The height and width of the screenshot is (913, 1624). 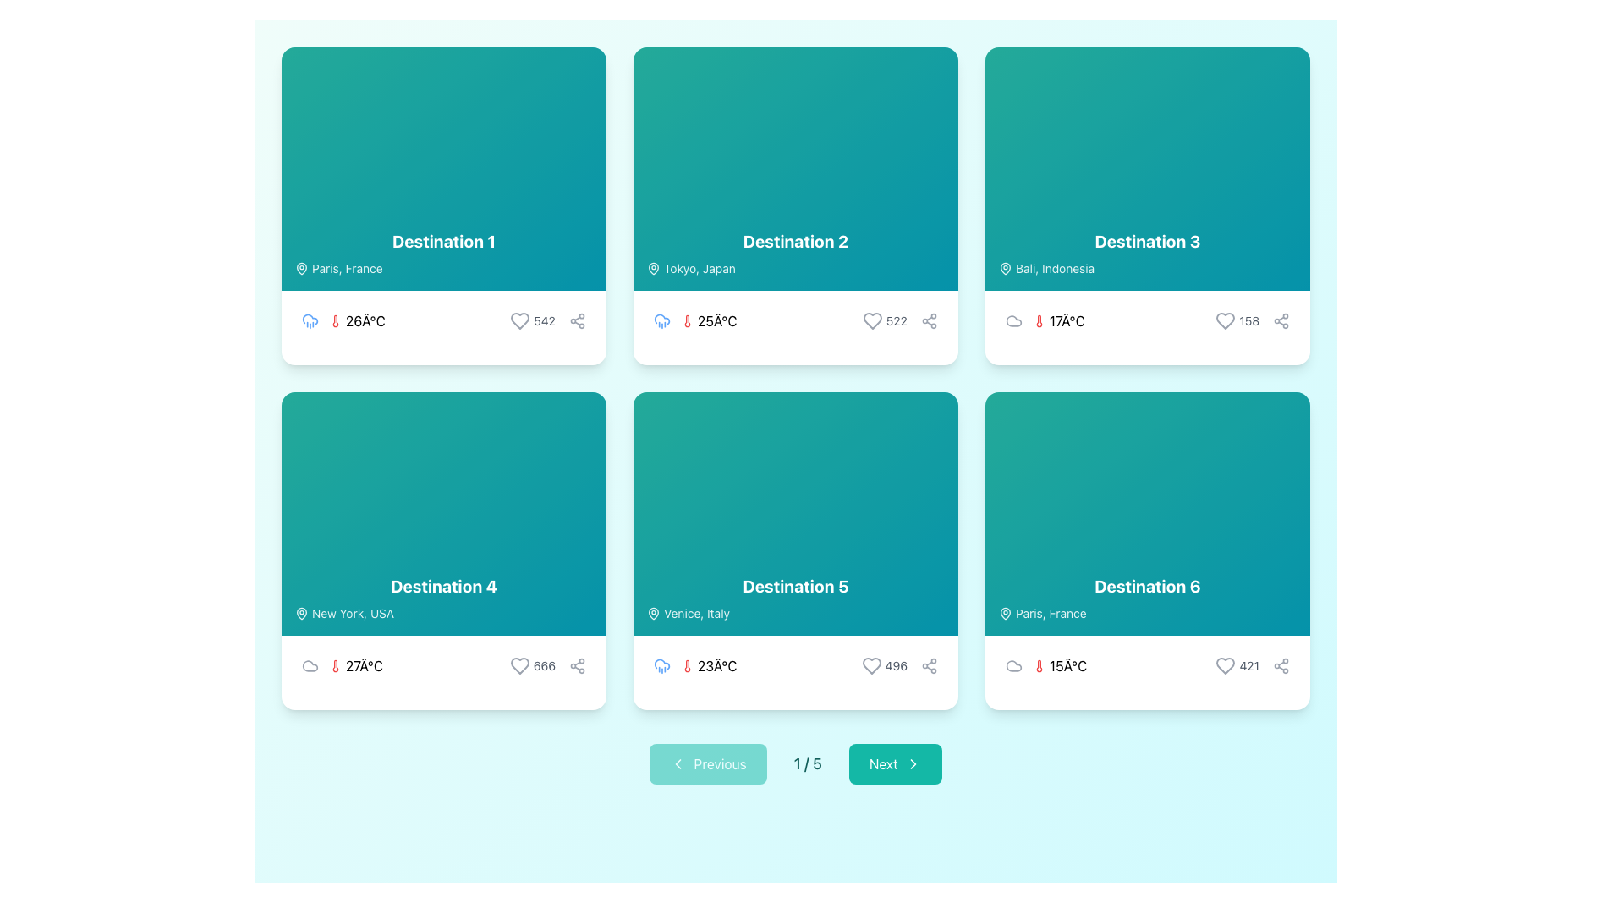 I want to click on the heart-shaped SVG graphic icon located at the bottom-right corner of the sixth card to 'like' or 'favorite' the associated item, so click(x=1226, y=664).